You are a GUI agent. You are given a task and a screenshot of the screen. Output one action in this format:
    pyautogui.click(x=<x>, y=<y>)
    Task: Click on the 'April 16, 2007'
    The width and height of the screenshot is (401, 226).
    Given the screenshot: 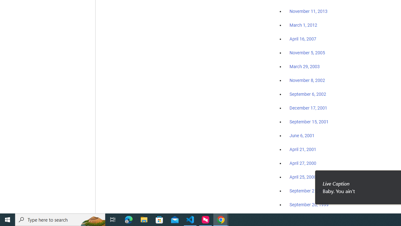 What is the action you would take?
    pyautogui.click(x=303, y=39)
    